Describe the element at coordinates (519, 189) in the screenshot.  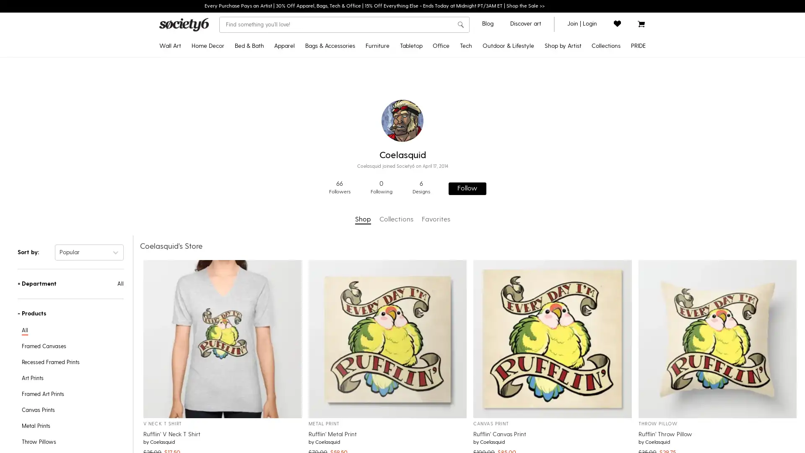
I see `Beach Towels` at that location.